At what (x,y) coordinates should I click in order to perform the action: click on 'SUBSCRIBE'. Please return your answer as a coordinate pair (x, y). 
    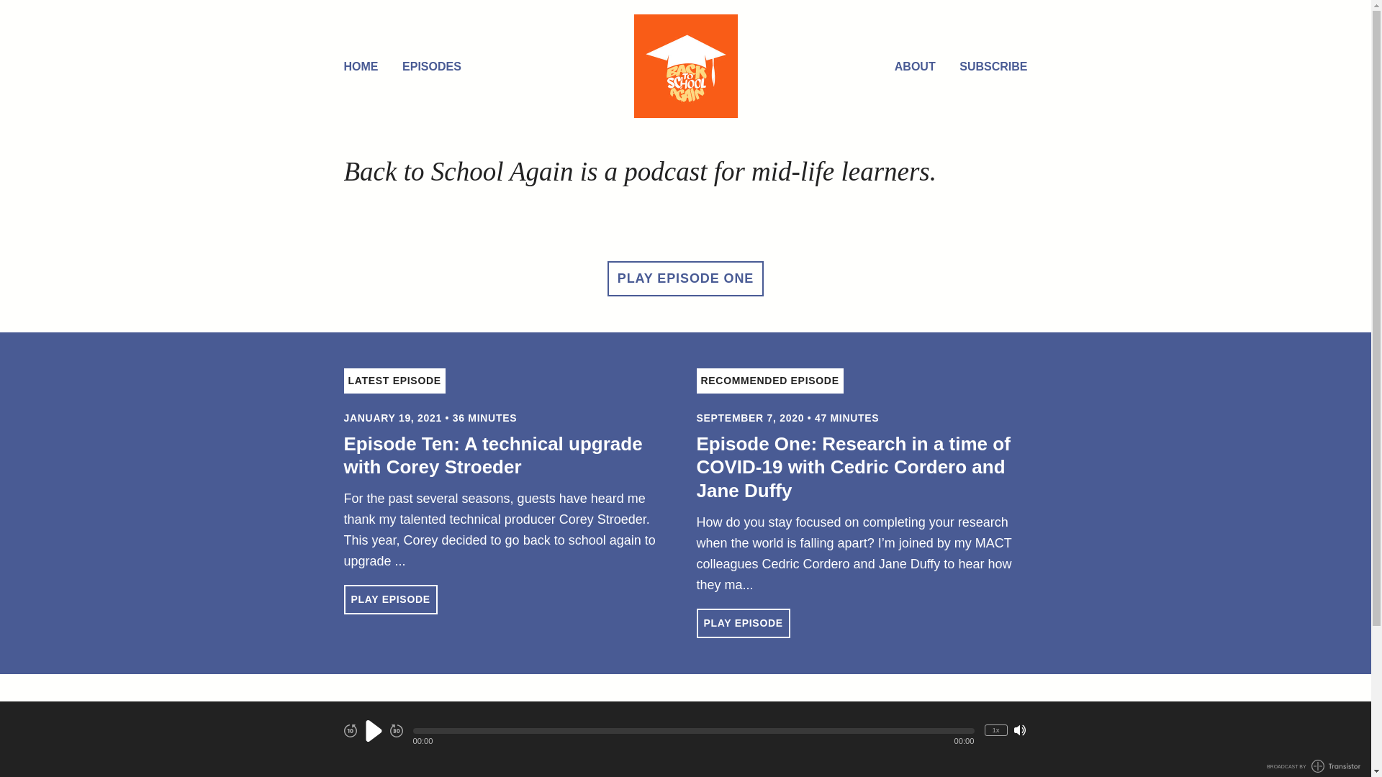
    Looking at the image, I should click on (959, 67).